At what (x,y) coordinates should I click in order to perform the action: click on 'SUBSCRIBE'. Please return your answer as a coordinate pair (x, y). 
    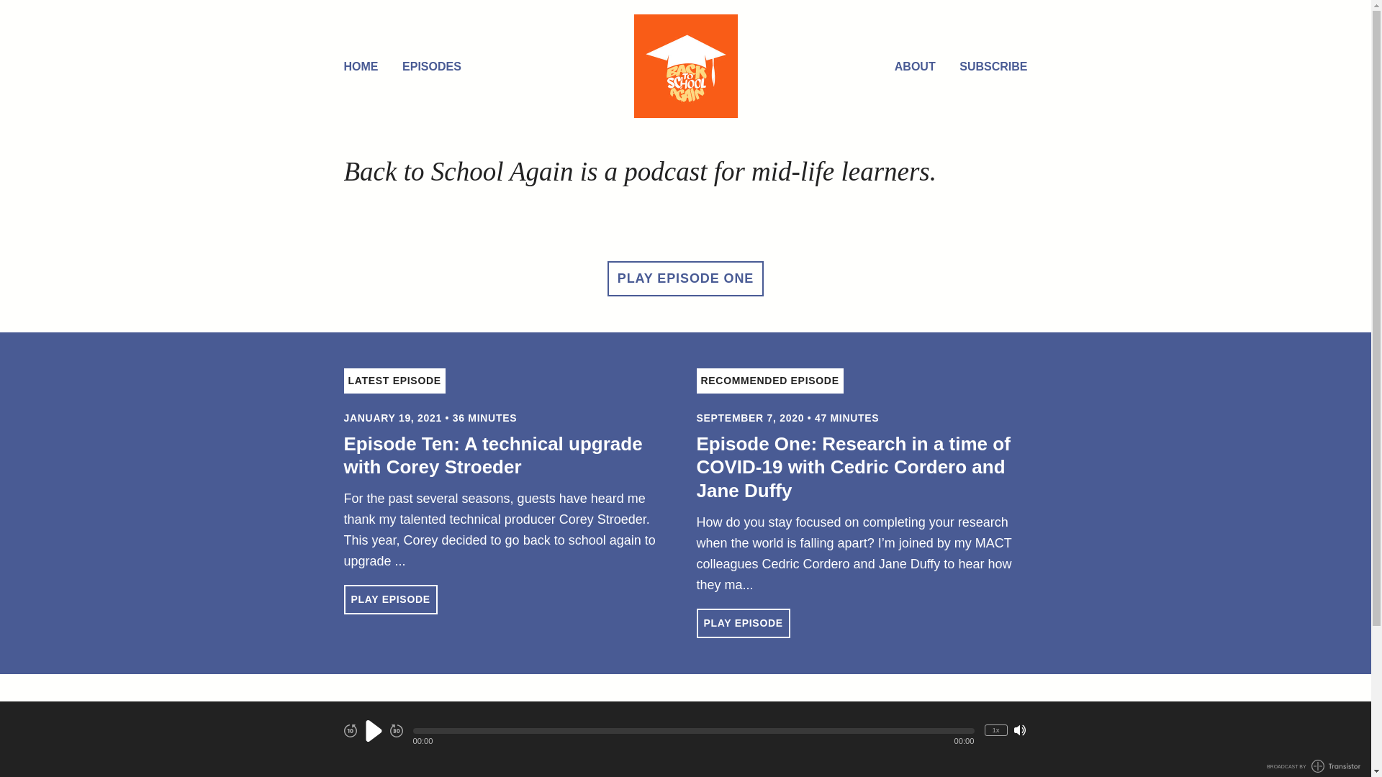
    Looking at the image, I should click on (959, 67).